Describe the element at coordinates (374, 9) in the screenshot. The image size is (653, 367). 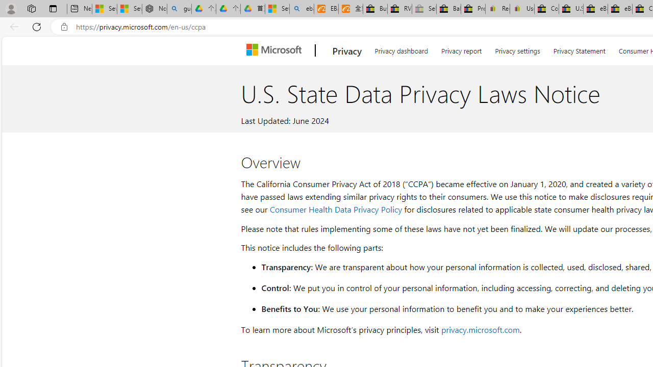
I see `'Buy Auto Parts & Accessories | eBay'` at that location.